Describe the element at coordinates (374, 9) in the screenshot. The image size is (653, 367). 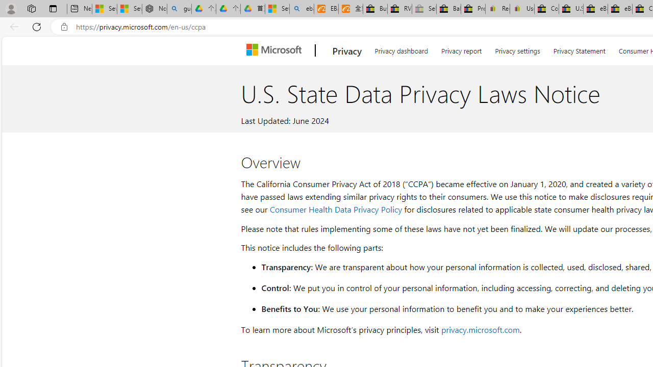
I see `'Buy Auto Parts & Accessories | eBay'` at that location.